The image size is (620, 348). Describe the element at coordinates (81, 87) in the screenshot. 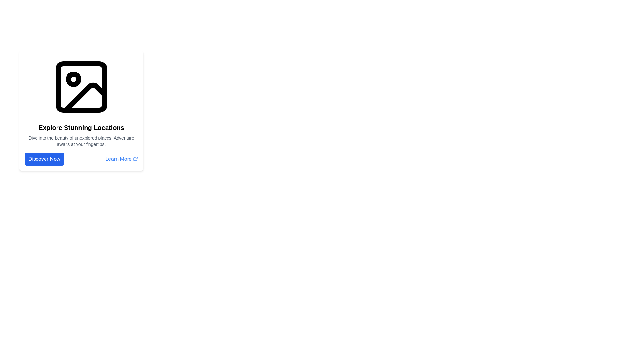

I see `the Image placeholder located at the top of the white panel with rounded corners, which serves as a visual representation for content related to 'Explore Stunning Locations'` at that location.